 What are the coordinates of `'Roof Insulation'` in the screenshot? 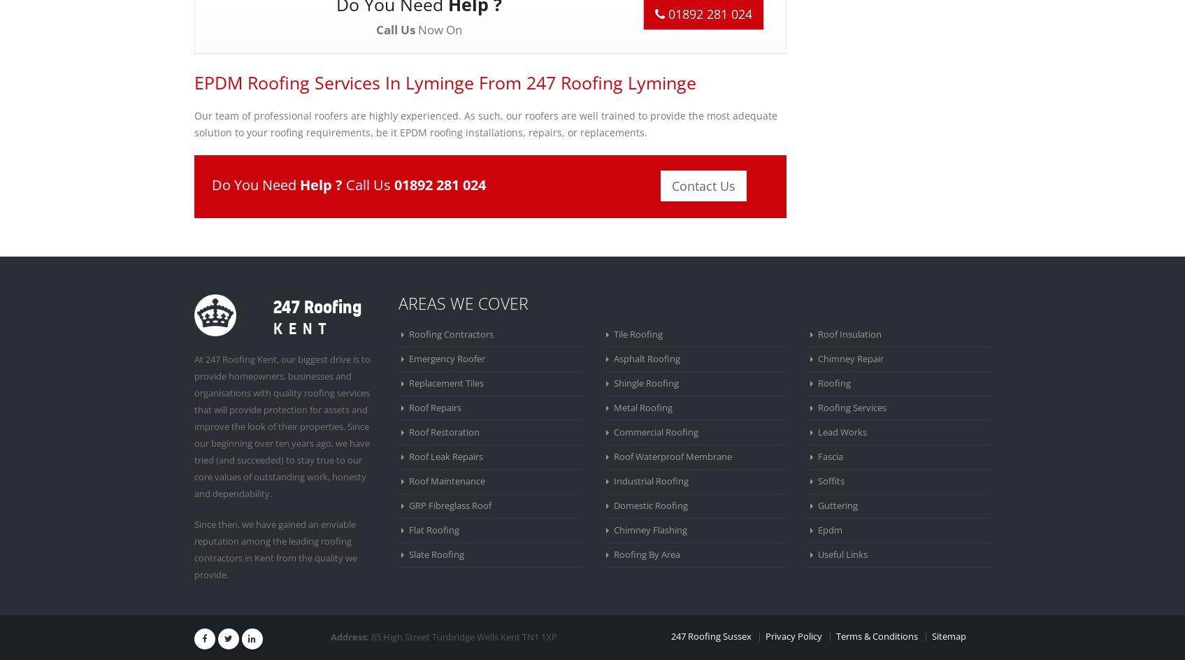 It's located at (849, 333).